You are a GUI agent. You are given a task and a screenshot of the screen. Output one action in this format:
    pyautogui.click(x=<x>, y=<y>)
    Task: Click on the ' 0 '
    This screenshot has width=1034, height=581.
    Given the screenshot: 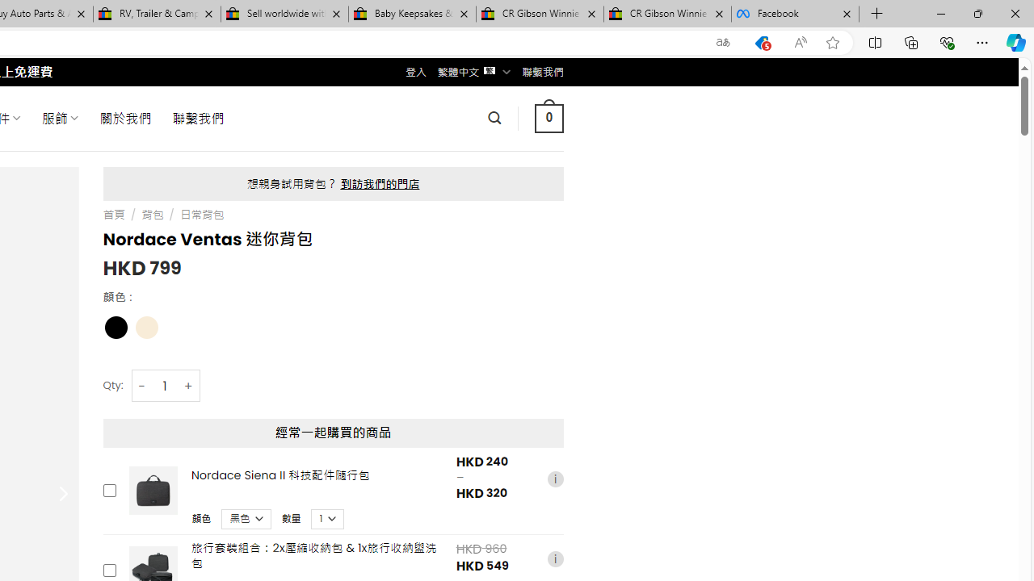 What is the action you would take?
    pyautogui.click(x=549, y=117)
    